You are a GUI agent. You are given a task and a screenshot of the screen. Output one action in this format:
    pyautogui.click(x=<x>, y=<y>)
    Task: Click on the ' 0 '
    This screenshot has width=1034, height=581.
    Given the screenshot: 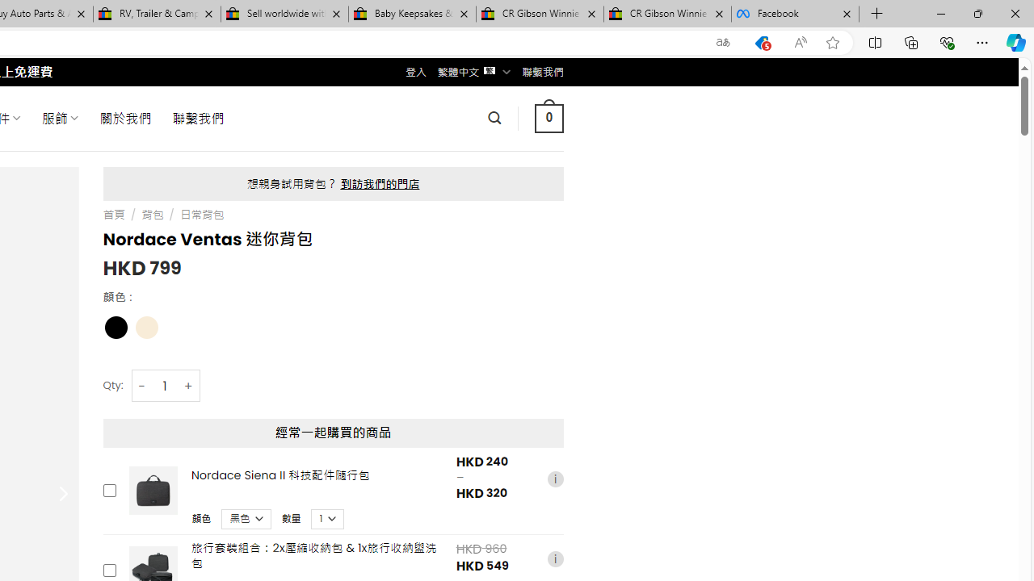 What is the action you would take?
    pyautogui.click(x=549, y=117)
    